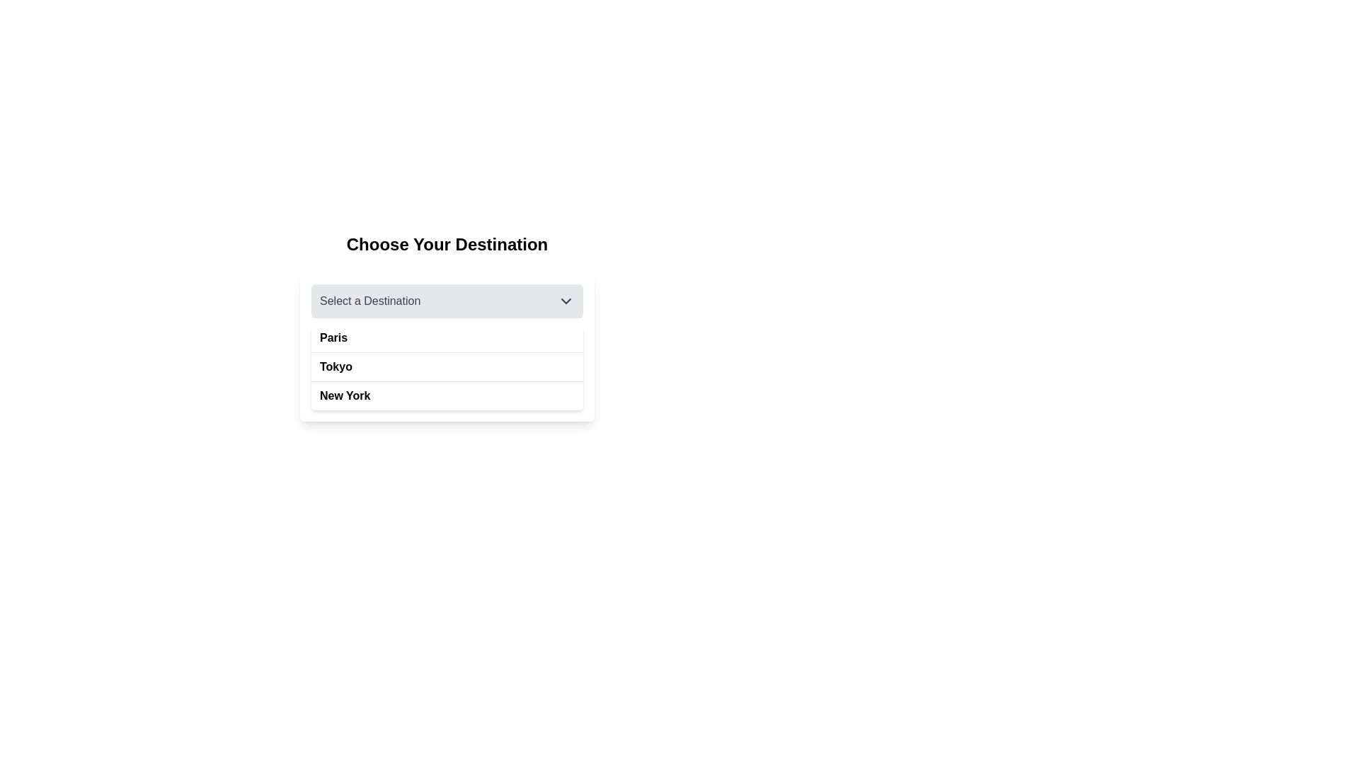 Image resolution: width=1359 pixels, height=764 pixels. I want to click on the list item displaying 'Tokyo', so click(447, 366).